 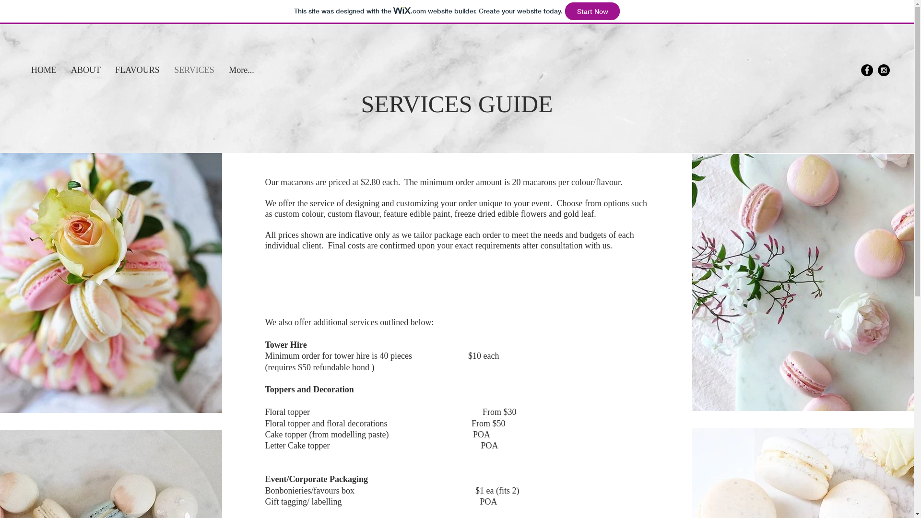 I want to click on 'FLAVOURS', so click(x=137, y=70).